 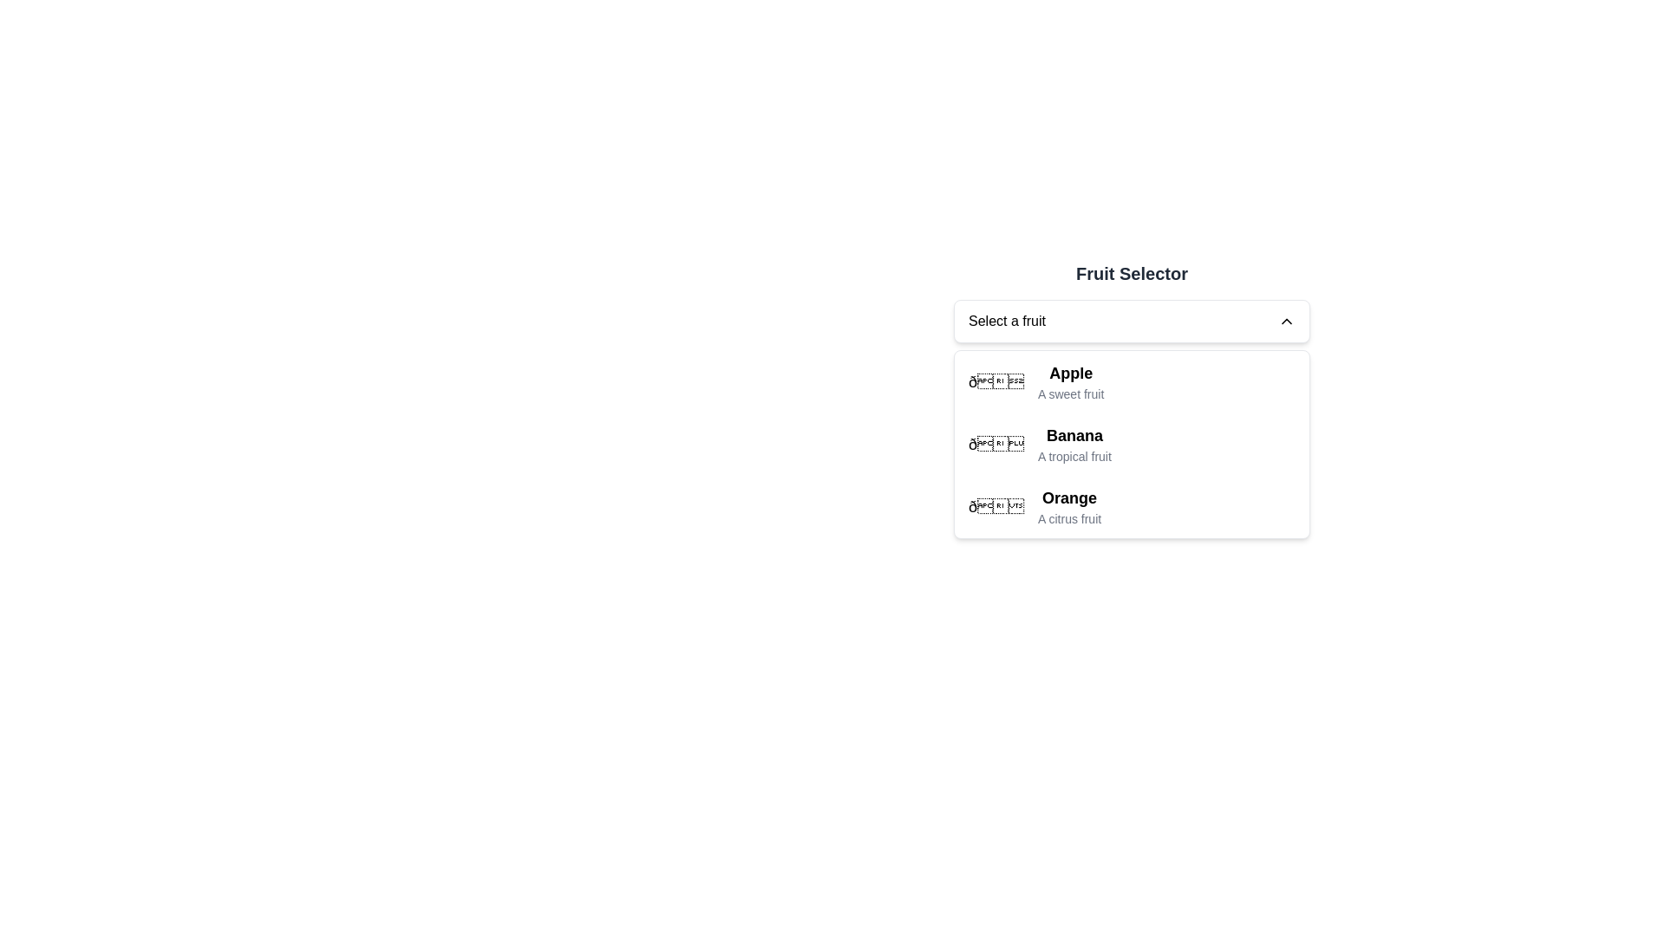 What do you see at coordinates (1069, 373) in the screenshot?
I see `the text label displaying 'Apple' in the Fruit Selector dropdown` at bounding box center [1069, 373].